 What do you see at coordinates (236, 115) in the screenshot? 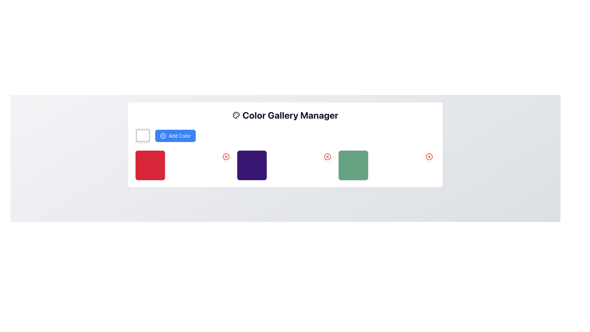
I see `the palette icon located to the left of the 'Color Gallery Manager' label at the top center region of the interface` at bounding box center [236, 115].